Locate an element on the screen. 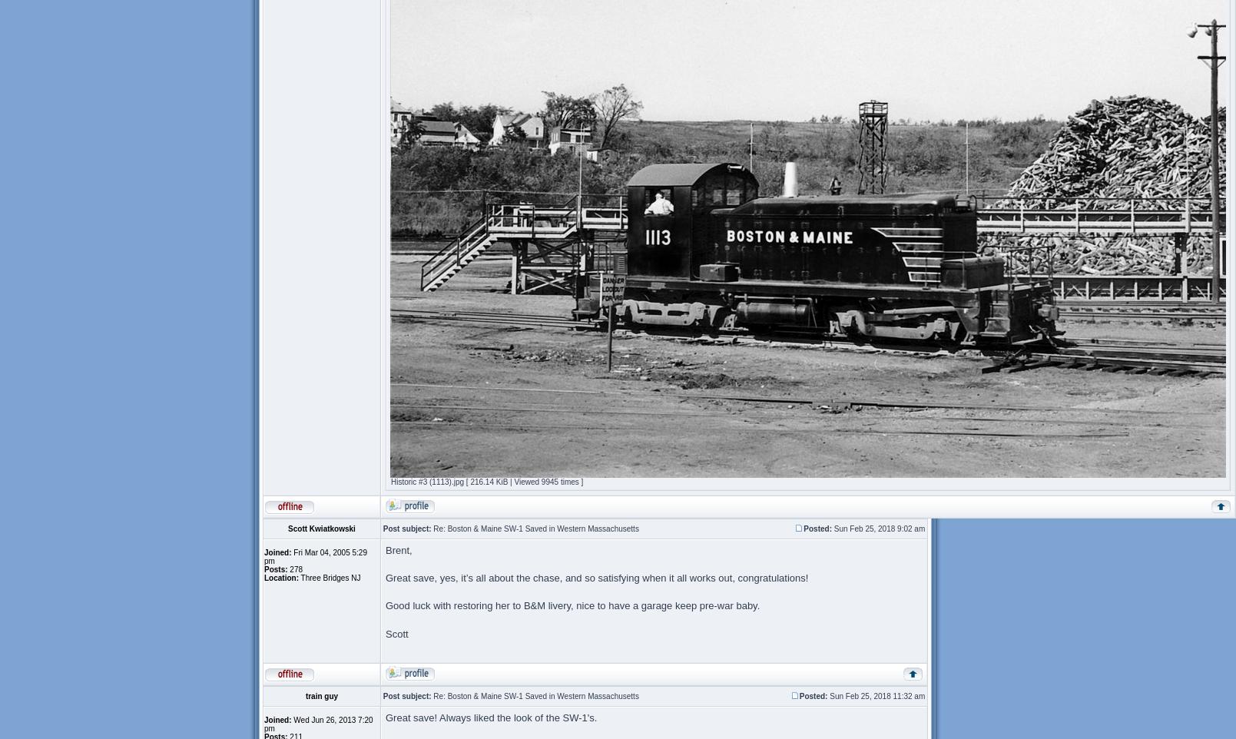 This screenshot has height=739, width=1236. 'Great save! Always liked the look of the SW-1's.' is located at coordinates (490, 717).